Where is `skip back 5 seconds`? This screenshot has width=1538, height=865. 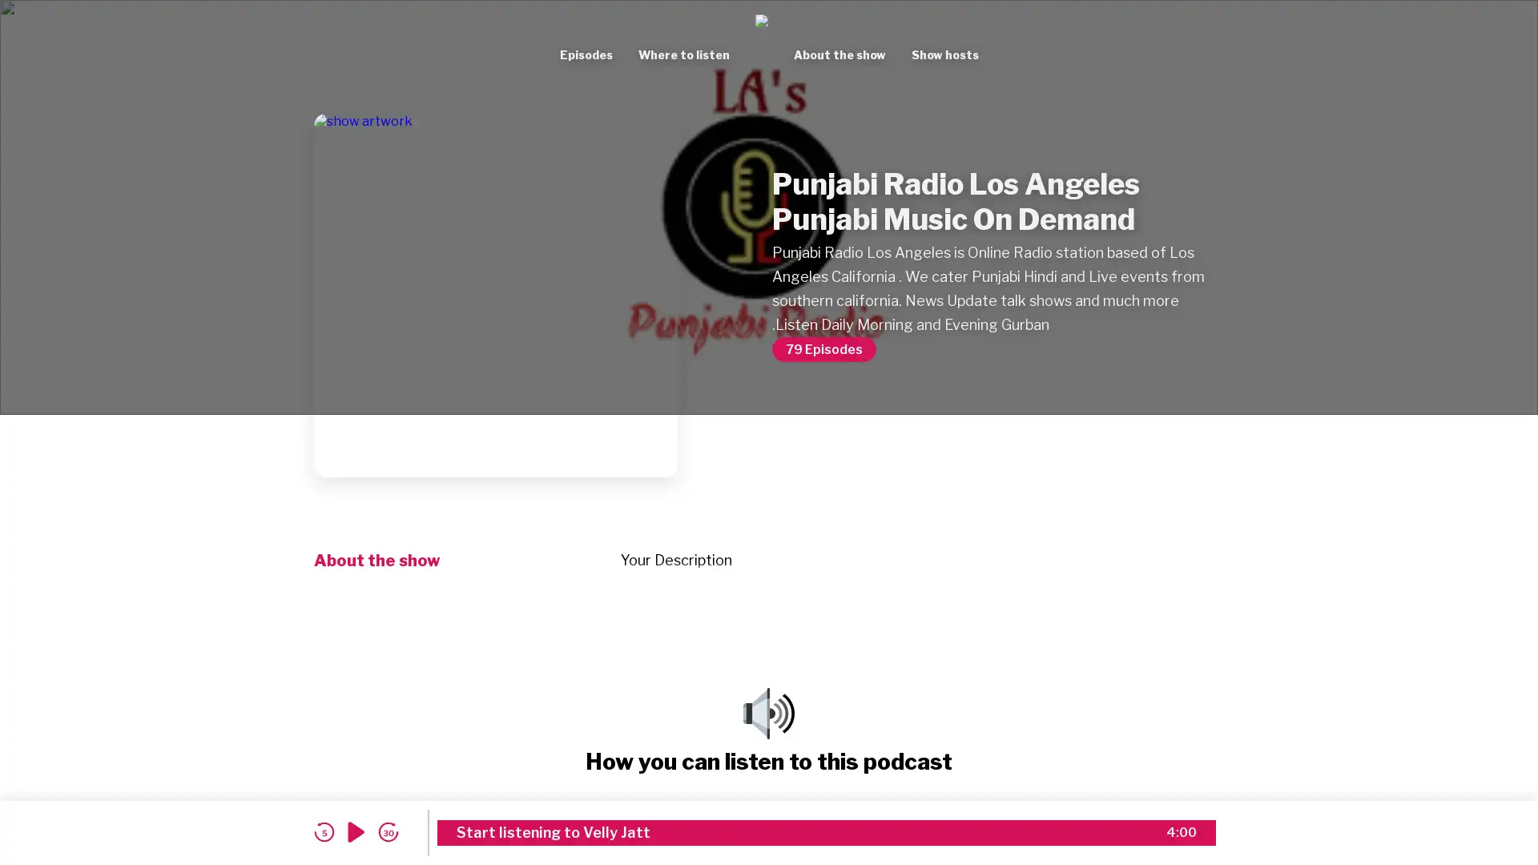 skip back 5 seconds is located at coordinates (323, 831).